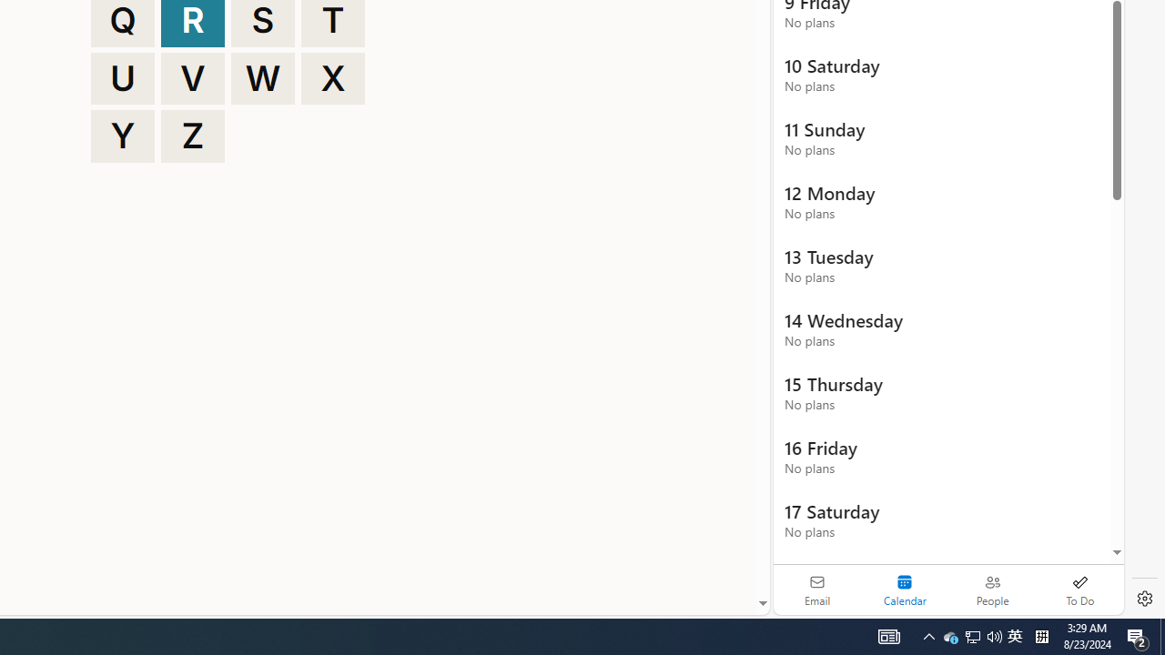 The image size is (1165, 655). What do you see at coordinates (122, 136) in the screenshot?
I see `'Y'` at bounding box center [122, 136].